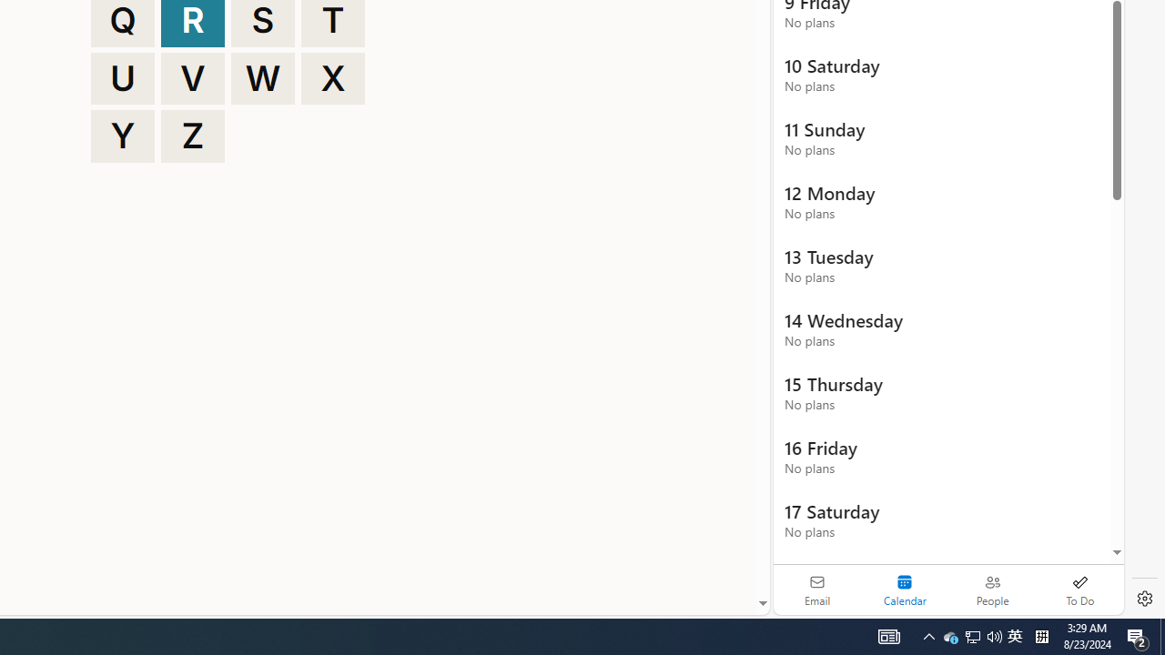 The image size is (1165, 655). What do you see at coordinates (122, 136) in the screenshot?
I see `'Y'` at bounding box center [122, 136].